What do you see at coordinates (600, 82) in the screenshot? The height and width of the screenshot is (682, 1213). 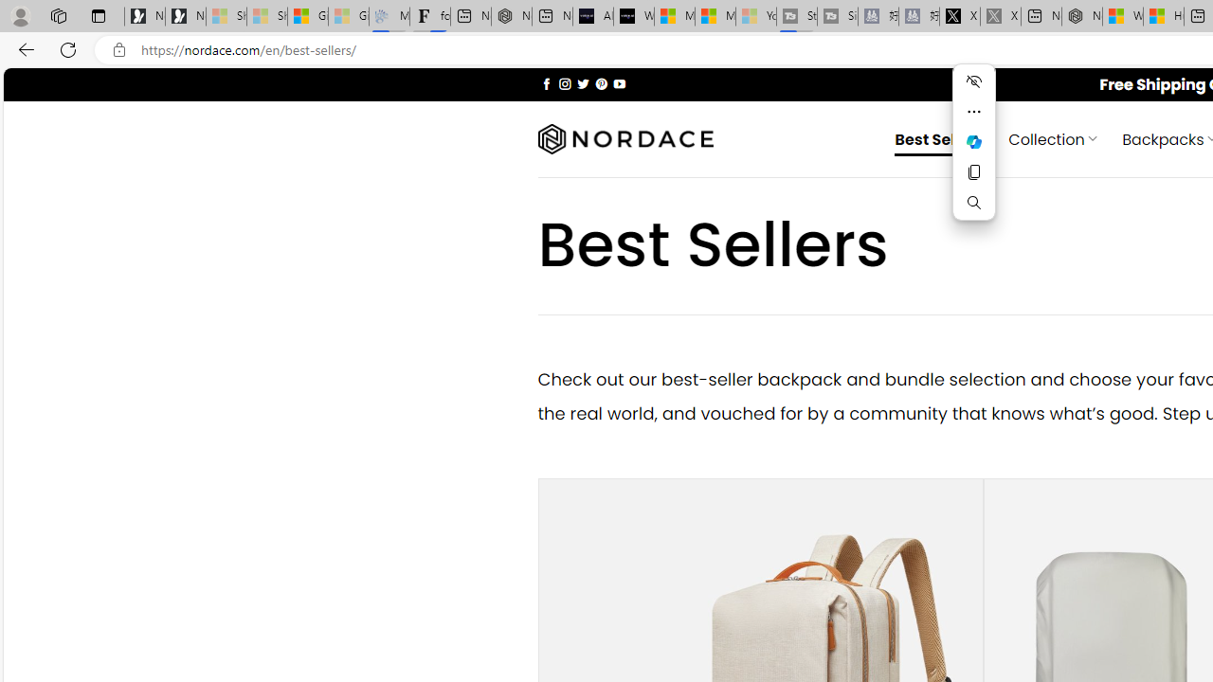 I see `'Follow on Pinterest'` at bounding box center [600, 82].